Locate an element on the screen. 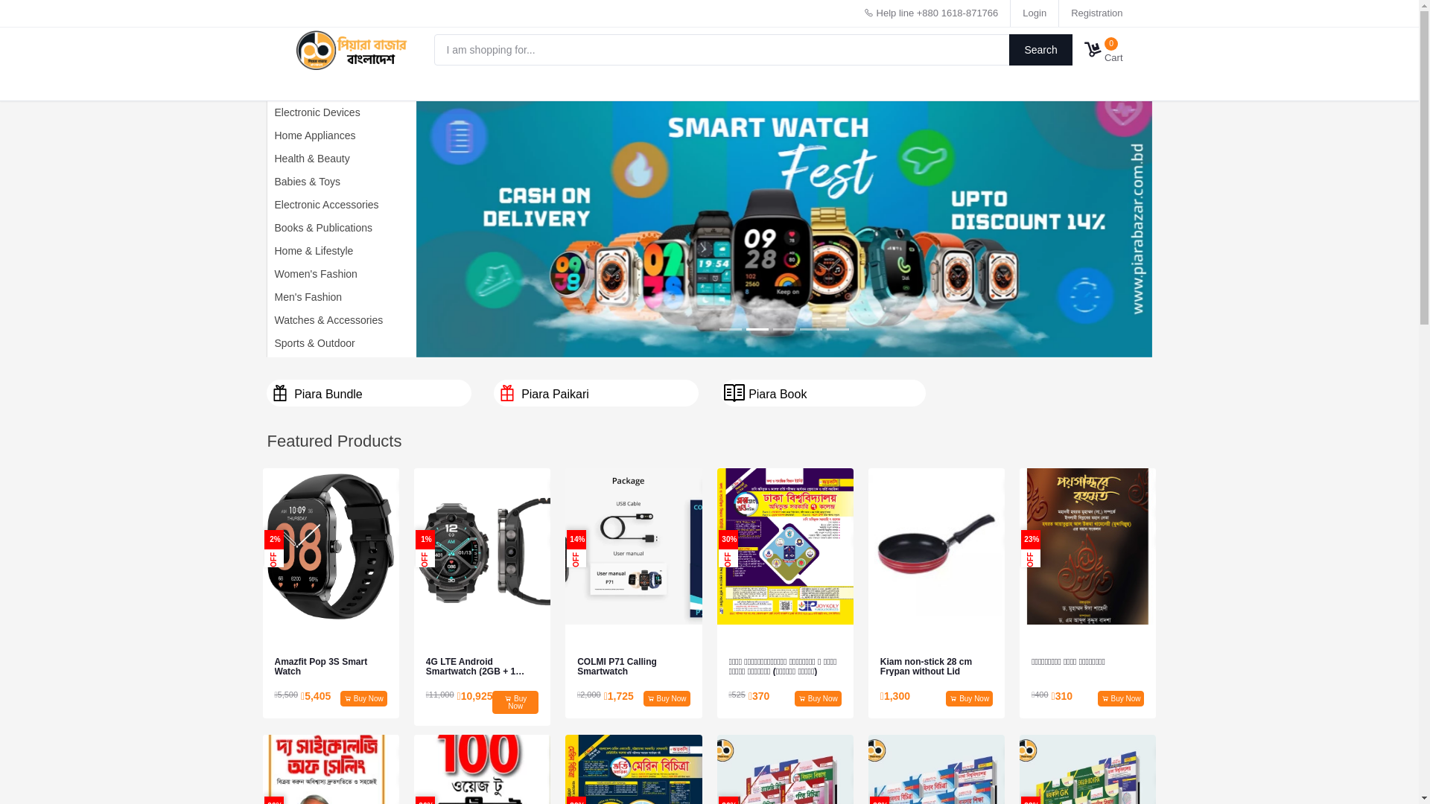 The height and width of the screenshot is (804, 1430). 'Electronic Devices' is located at coordinates (312, 111).